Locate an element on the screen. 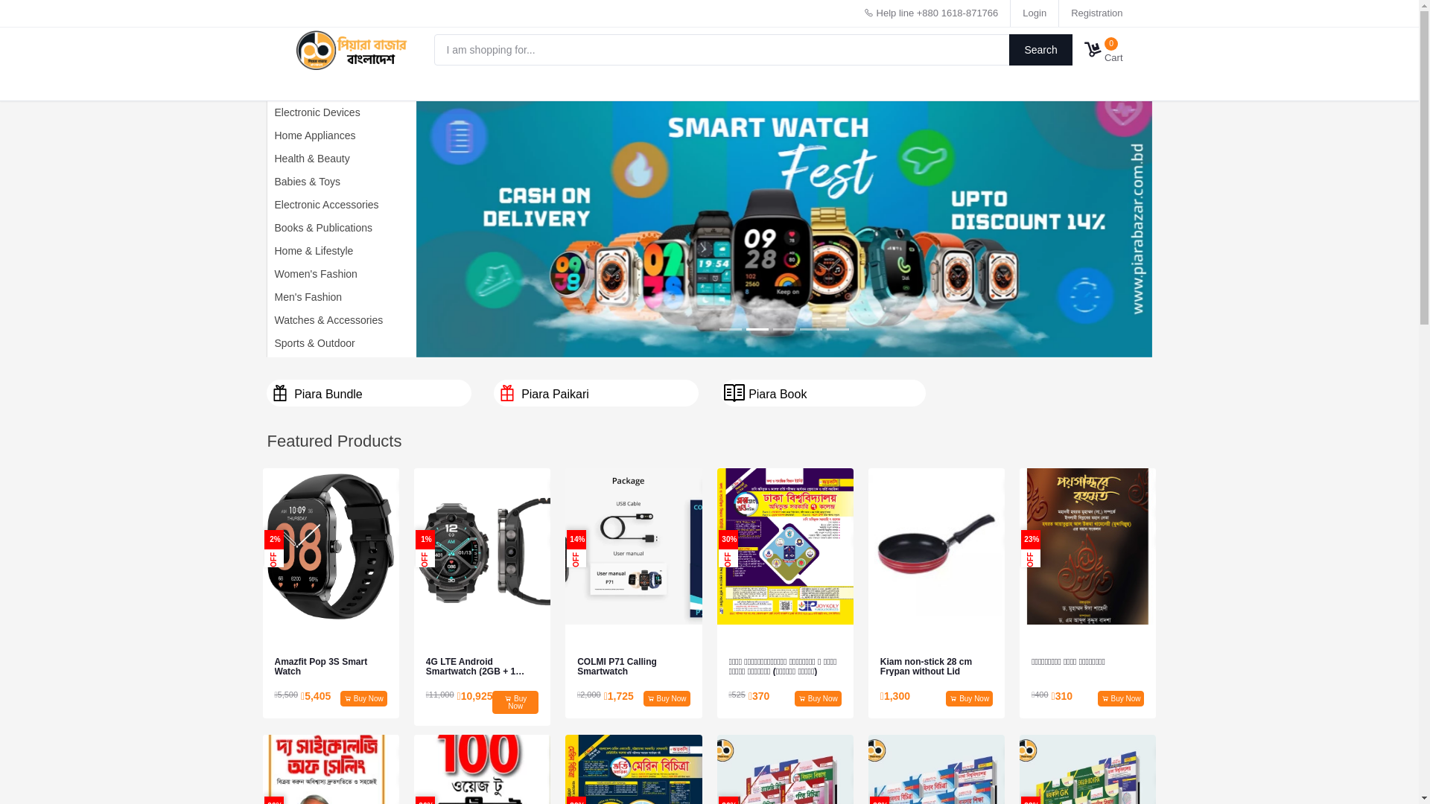 The height and width of the screenshot is (804, 1430). 'Electronic Devices' is located at coordinates (312, 111).